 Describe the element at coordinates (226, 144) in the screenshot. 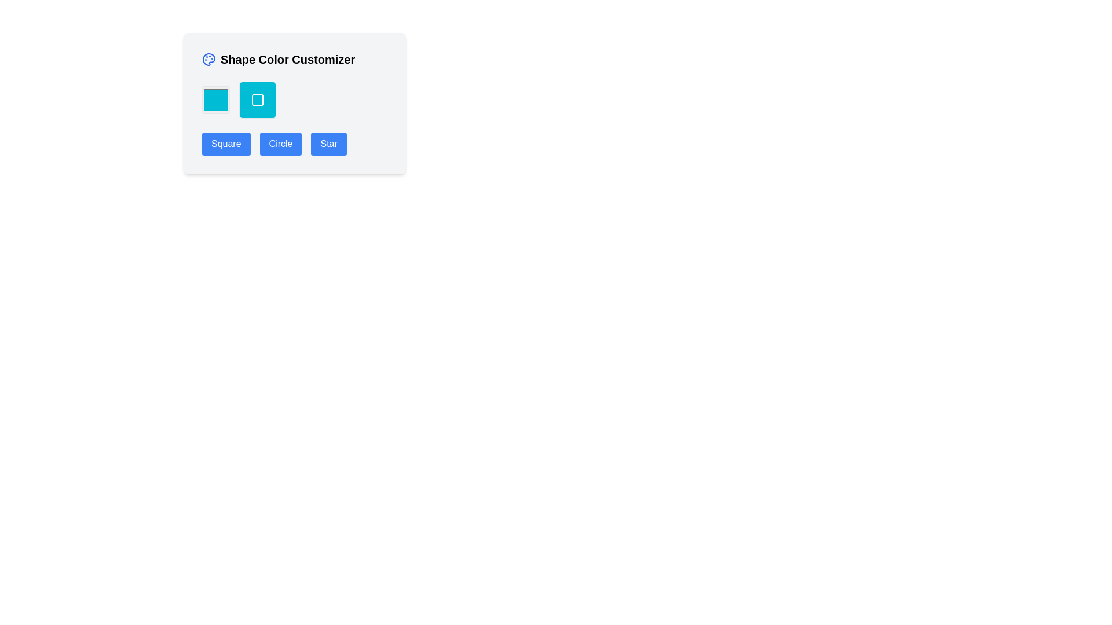

I see `the 'Square' shape button located near the bottom-left of the 'Shape Color Customizer' section, which is the first button in a row of shape buttons` at that location.